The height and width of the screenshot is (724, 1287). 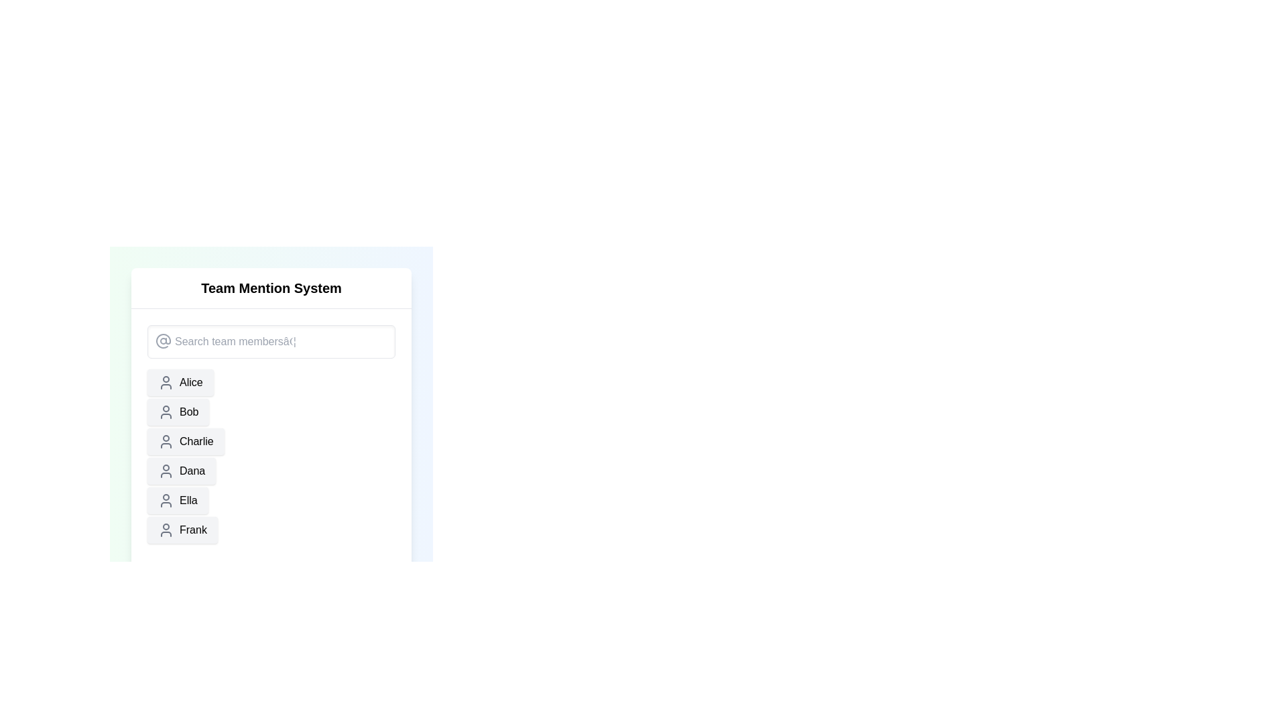 I want to click on the interactive list item representing 'Charlie', so click(x=185, y=442).